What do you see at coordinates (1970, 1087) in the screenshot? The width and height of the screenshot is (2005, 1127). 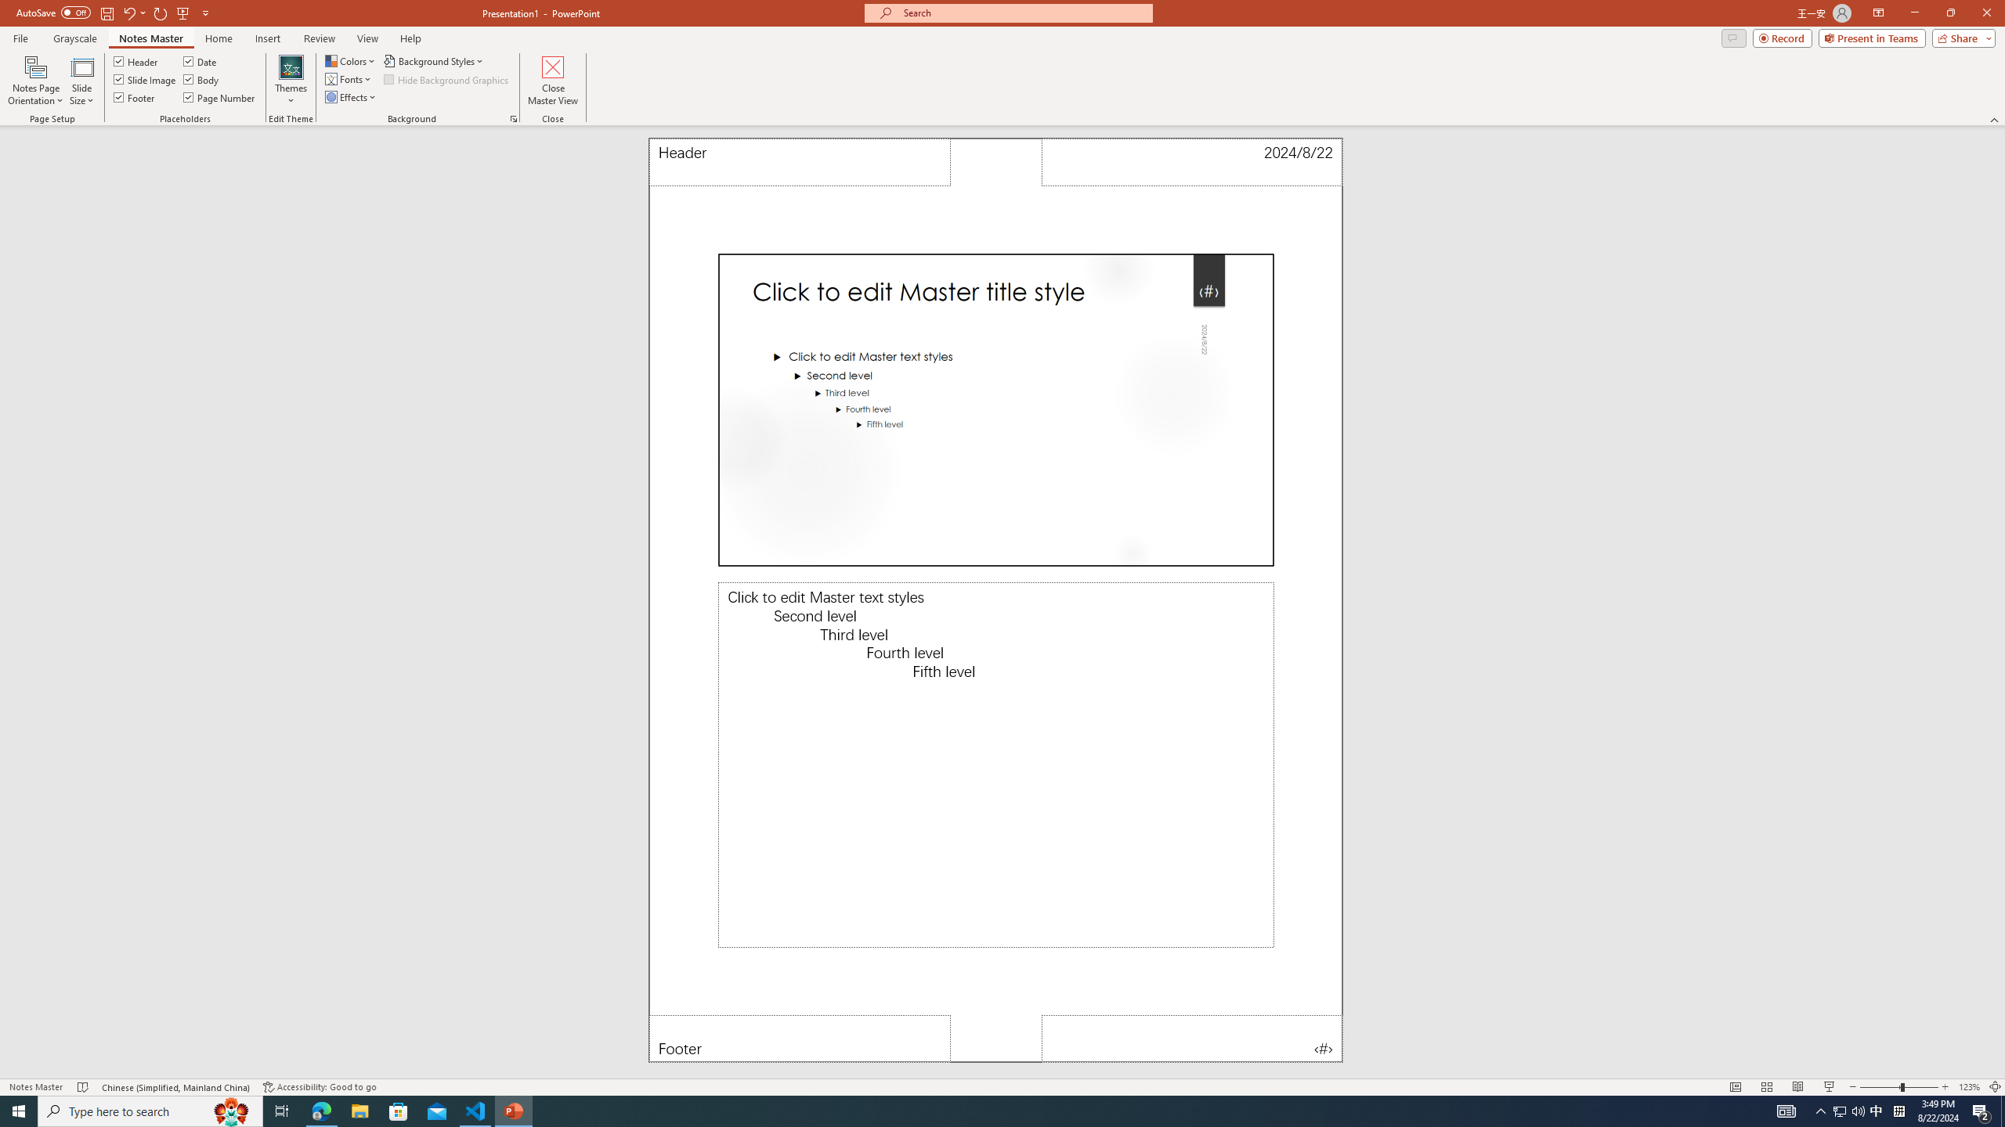 I see `'Zoom 123%'` at bounding box center [1970, 1087].